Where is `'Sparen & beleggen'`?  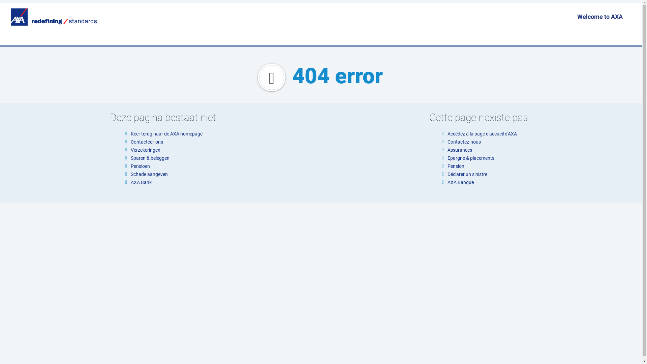
'Sparen & beleggen' is located at coordinates (150, 158).